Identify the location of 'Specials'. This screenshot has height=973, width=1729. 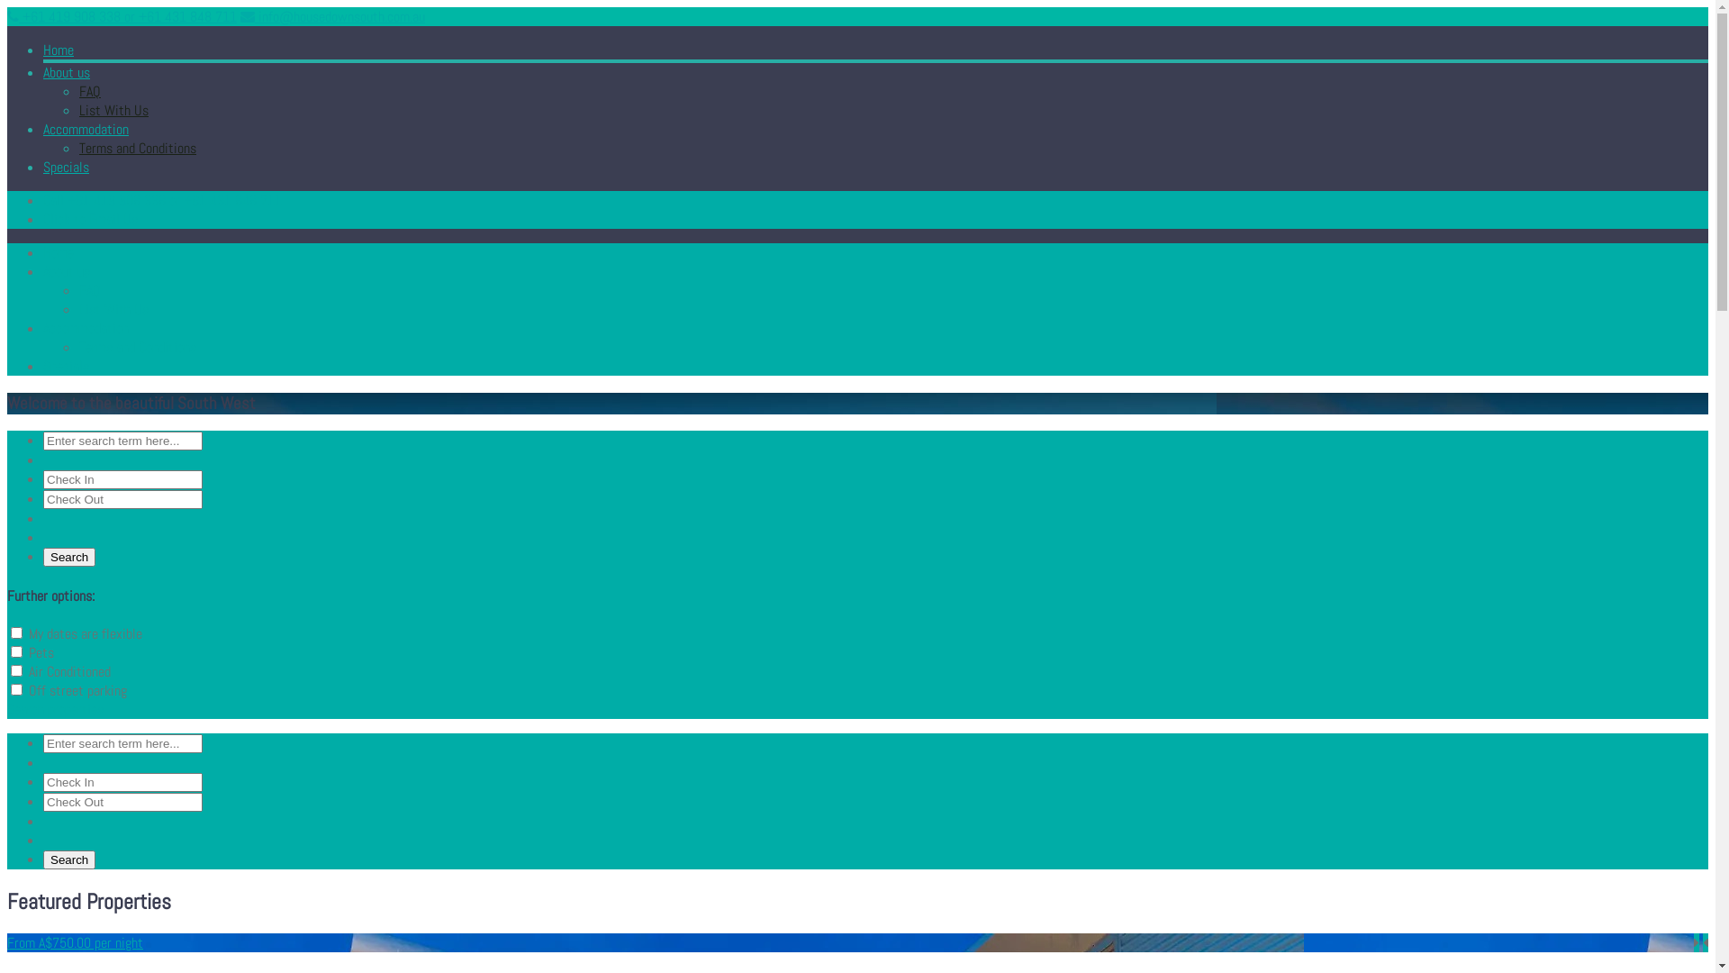
(66, 167).